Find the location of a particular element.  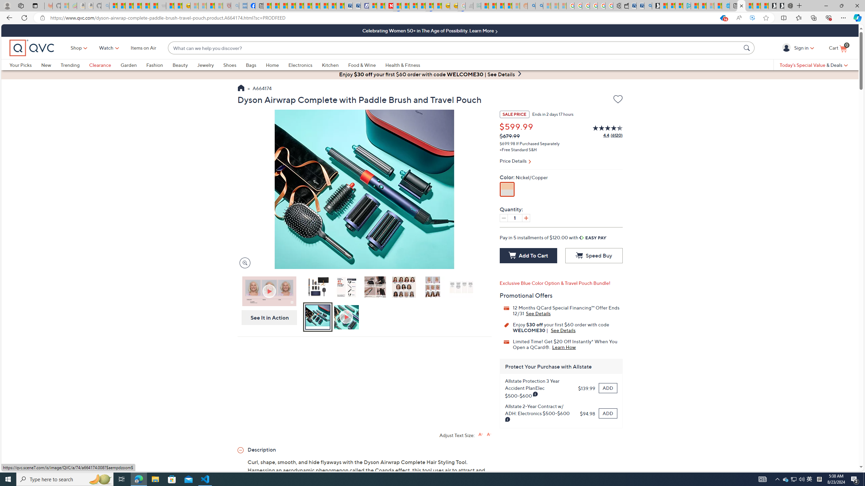

'Sign in' is located at coordinates (787, 48).